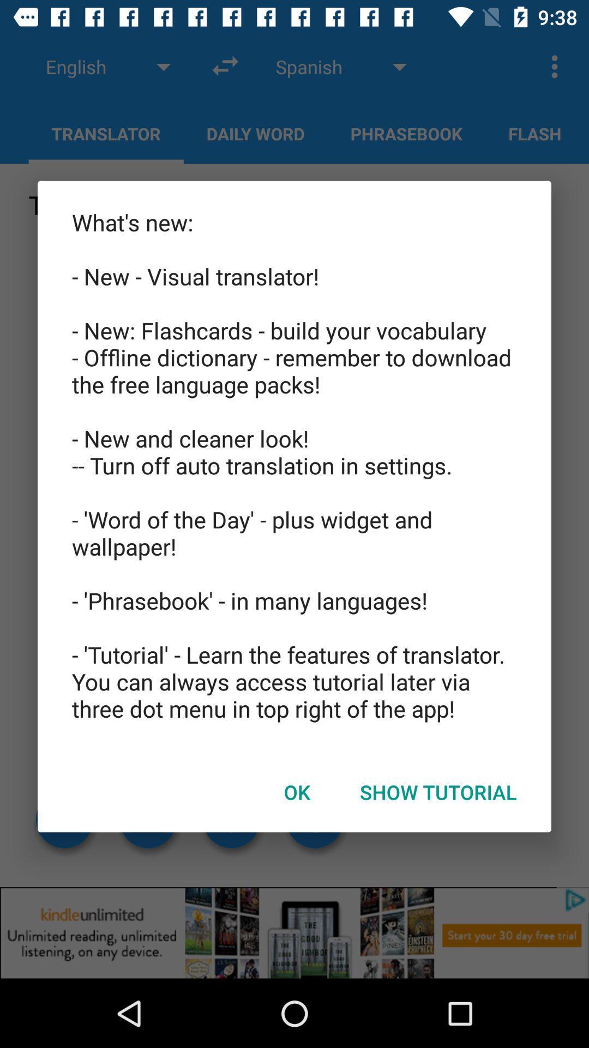 This screenshot has width=589, height=1048. What do you see at coordinates (297, 792) in the screenshot?
I see `the ok item` at bounding box center [297, 792].